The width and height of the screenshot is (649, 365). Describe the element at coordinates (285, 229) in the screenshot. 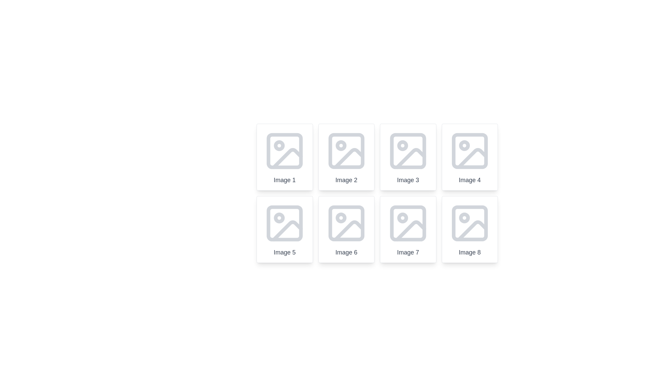

I see `the Card element labeled 'Image 5' located in the second row, first column of the grid` at that location.